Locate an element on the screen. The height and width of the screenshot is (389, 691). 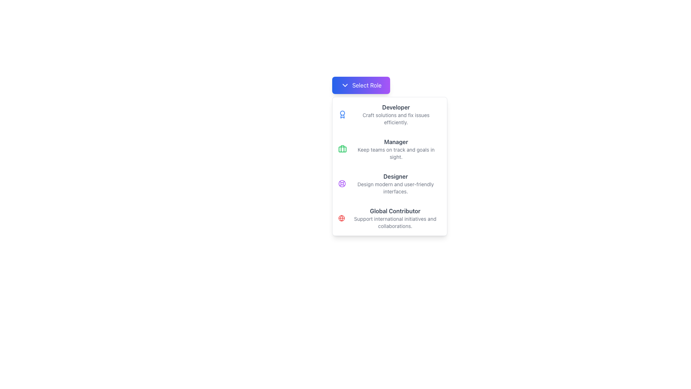
the text label displaying 'Manager', which is the second item in the list of role options within the vertical selection box is located at coordinates (396, 142).